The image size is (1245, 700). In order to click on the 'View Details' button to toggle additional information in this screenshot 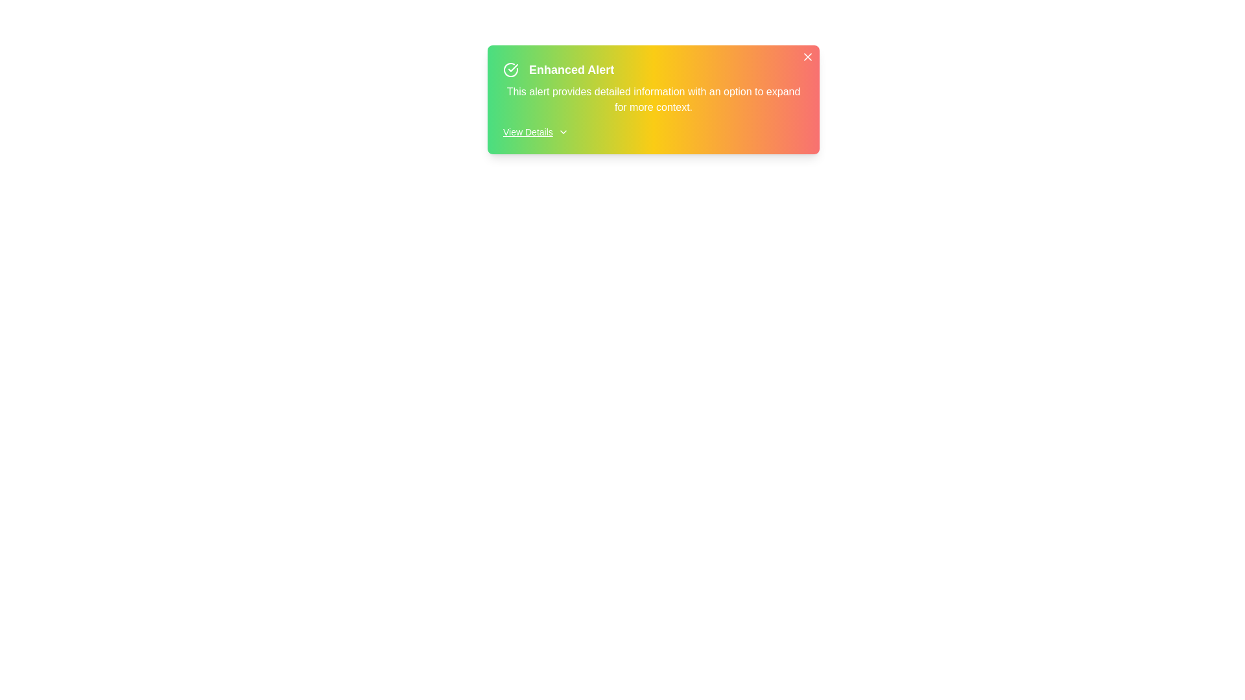, I will do `click(535, 132)`.